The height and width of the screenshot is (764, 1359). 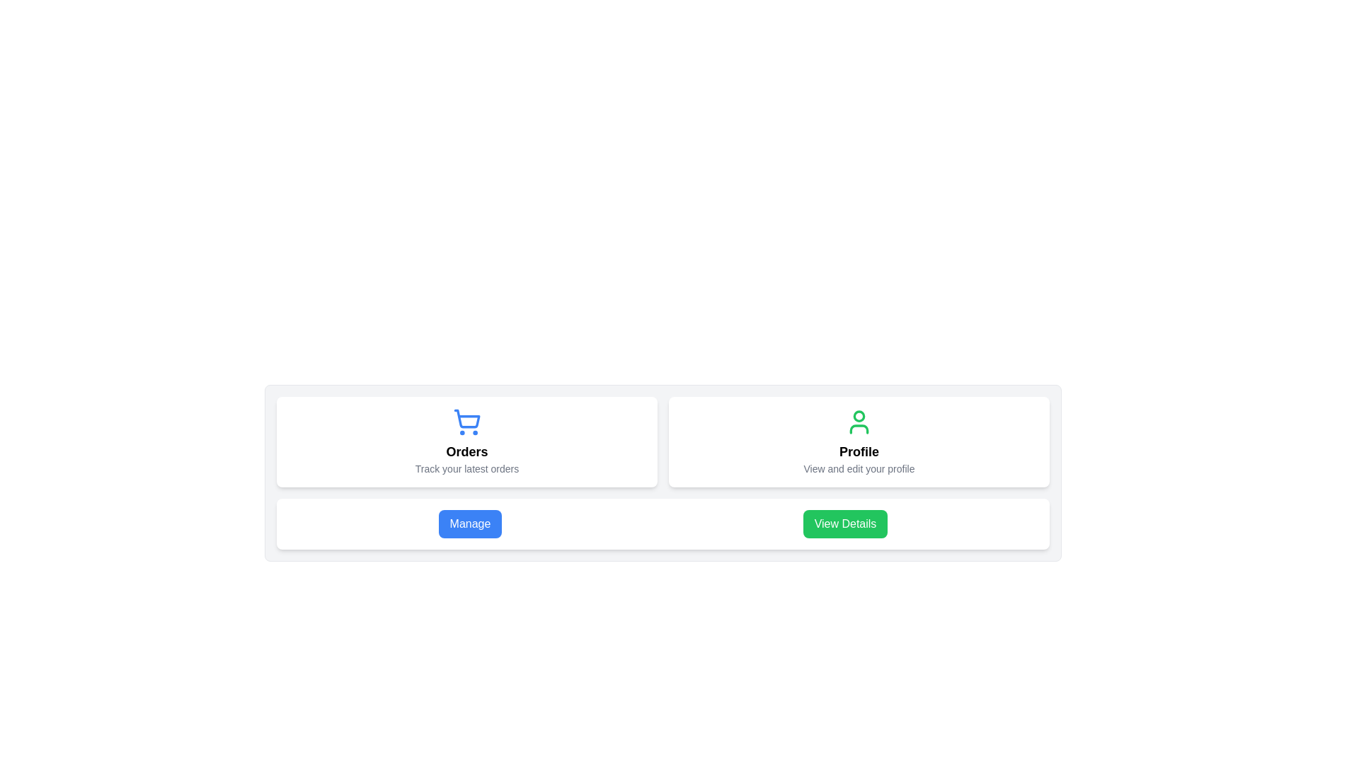 What do you see at coordinates (845, 523) in the screenshot?
I see `the 'View Details' button with a green background and white text` at bounding box center [845, 523].